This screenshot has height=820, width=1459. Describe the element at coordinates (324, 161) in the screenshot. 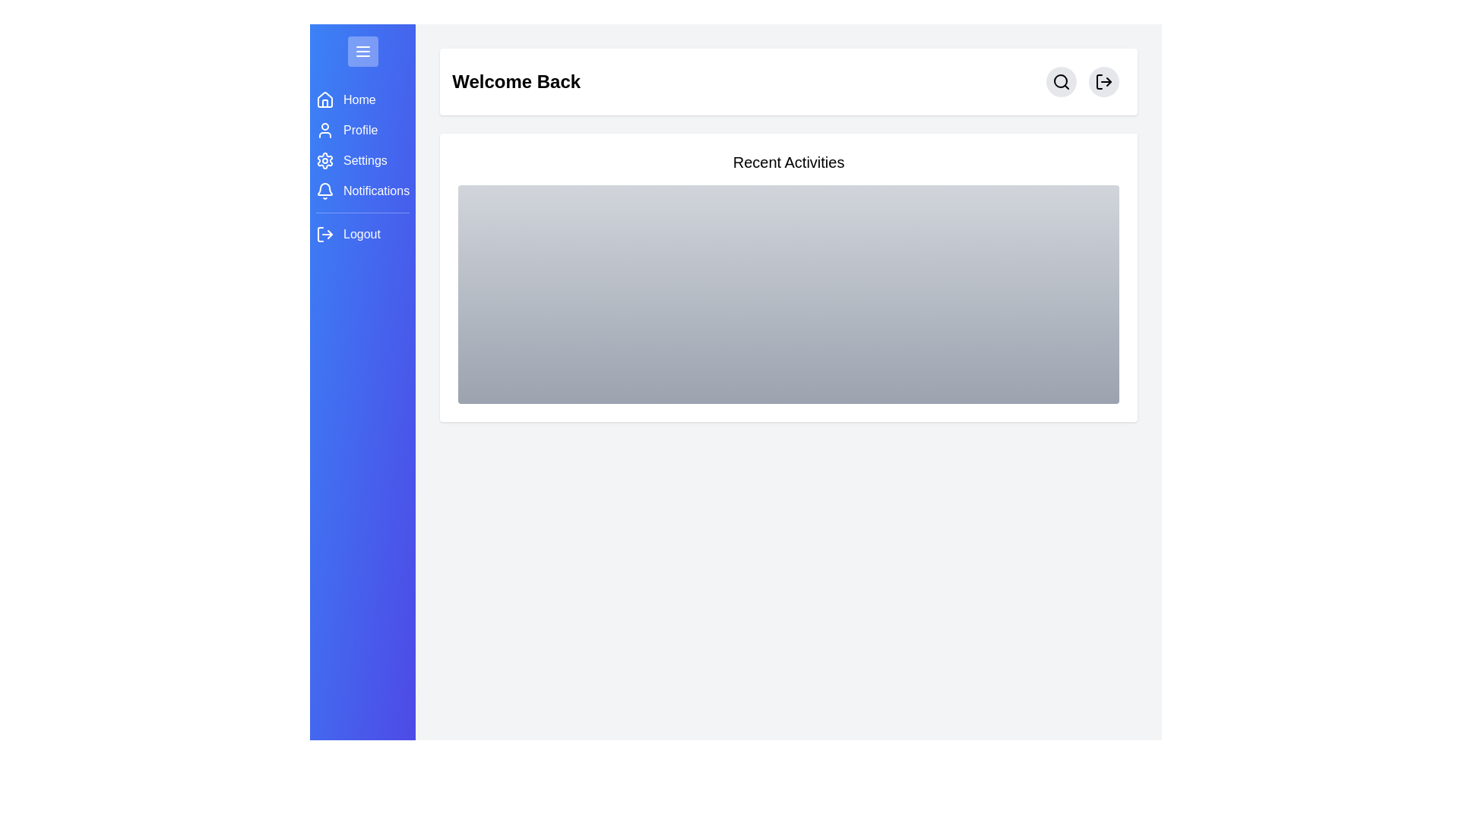

I see `the gear icon representing settings, which is located in the vertical menu on the left side of the user interface, adjacent to the 'Settings' label` at that location.